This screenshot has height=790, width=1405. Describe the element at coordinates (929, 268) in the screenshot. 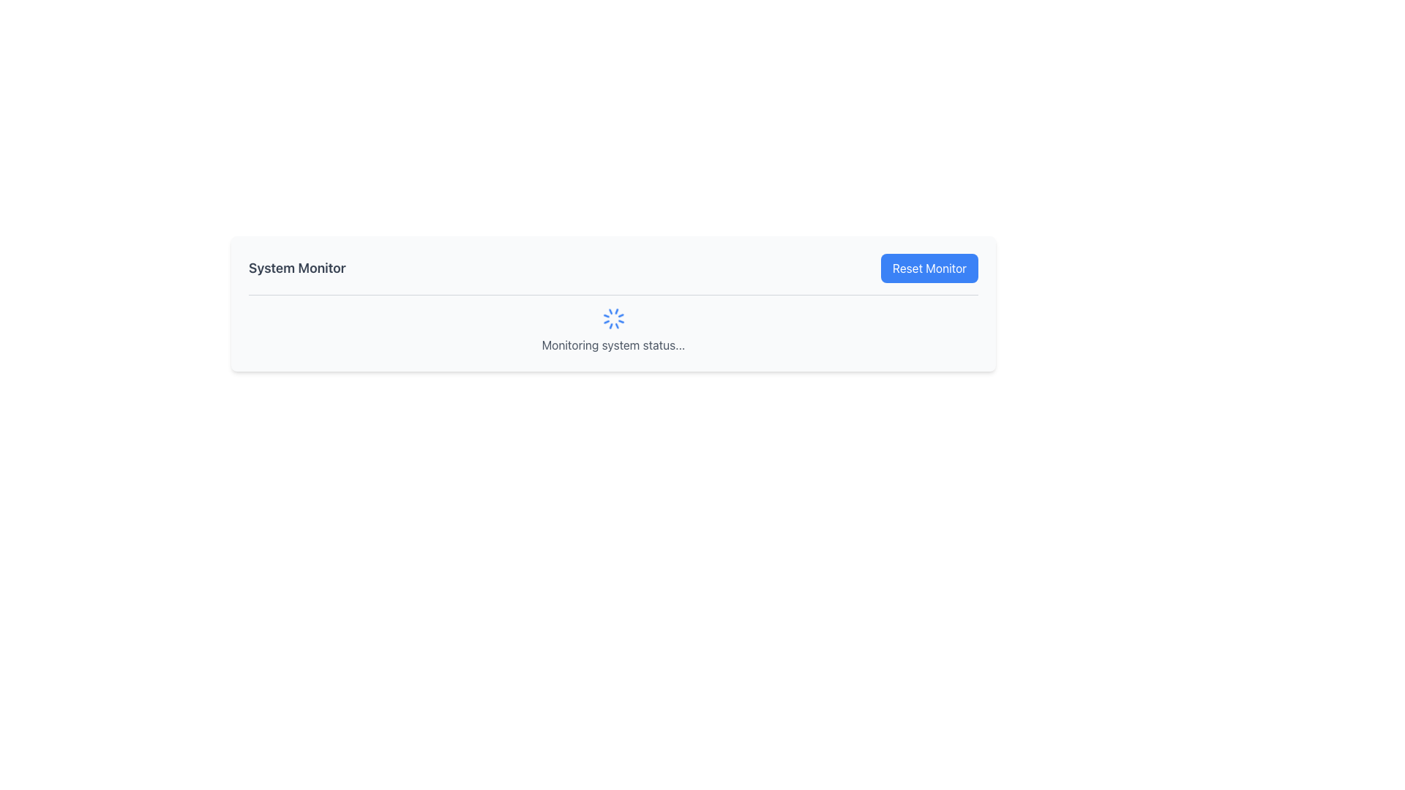

I see `the reset button located on the right side of the 'System Monitor' section` at that location.